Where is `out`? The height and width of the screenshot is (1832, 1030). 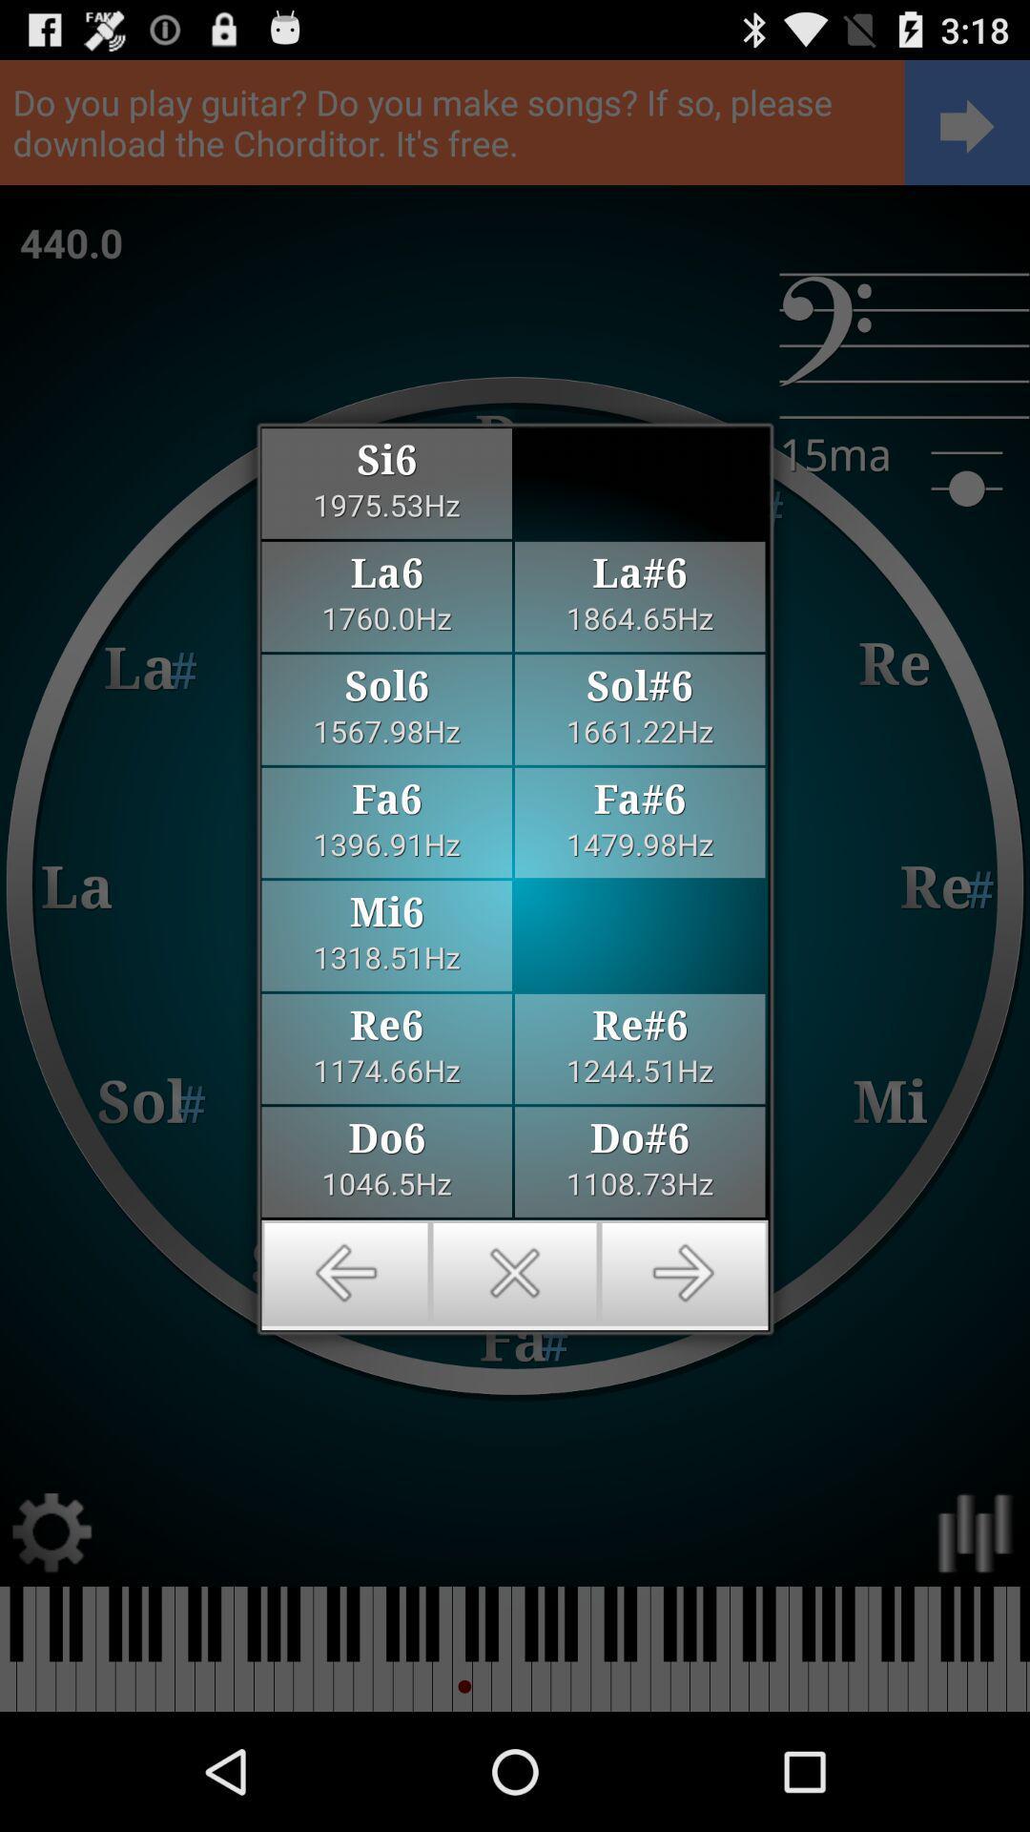
out is located at coordinates (515, 1273).